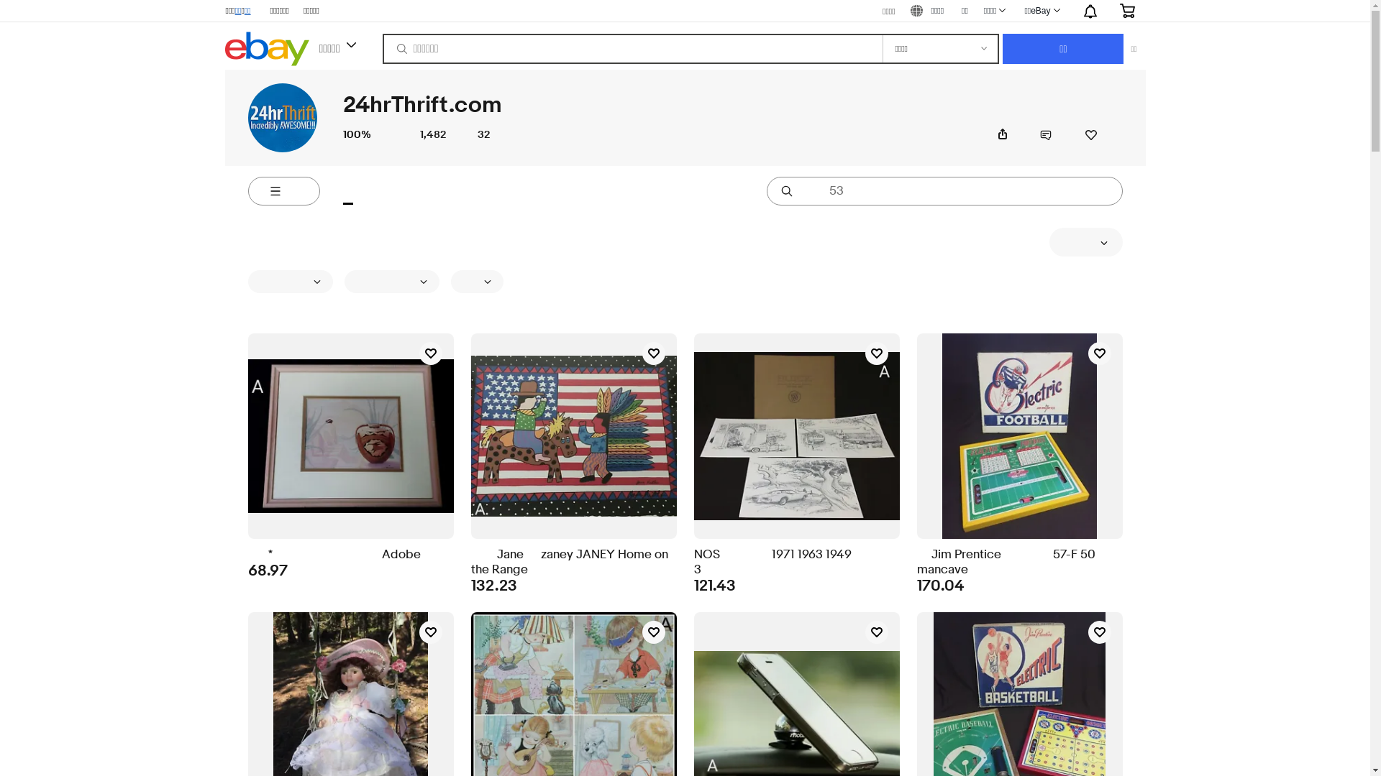 Image resolution: width=1381 pixels, height=776 pixels. What do you see at coordinates (282, 117) in the screenshot?
I see `'24hrThrift.com'` at bounding box center [282, 117].